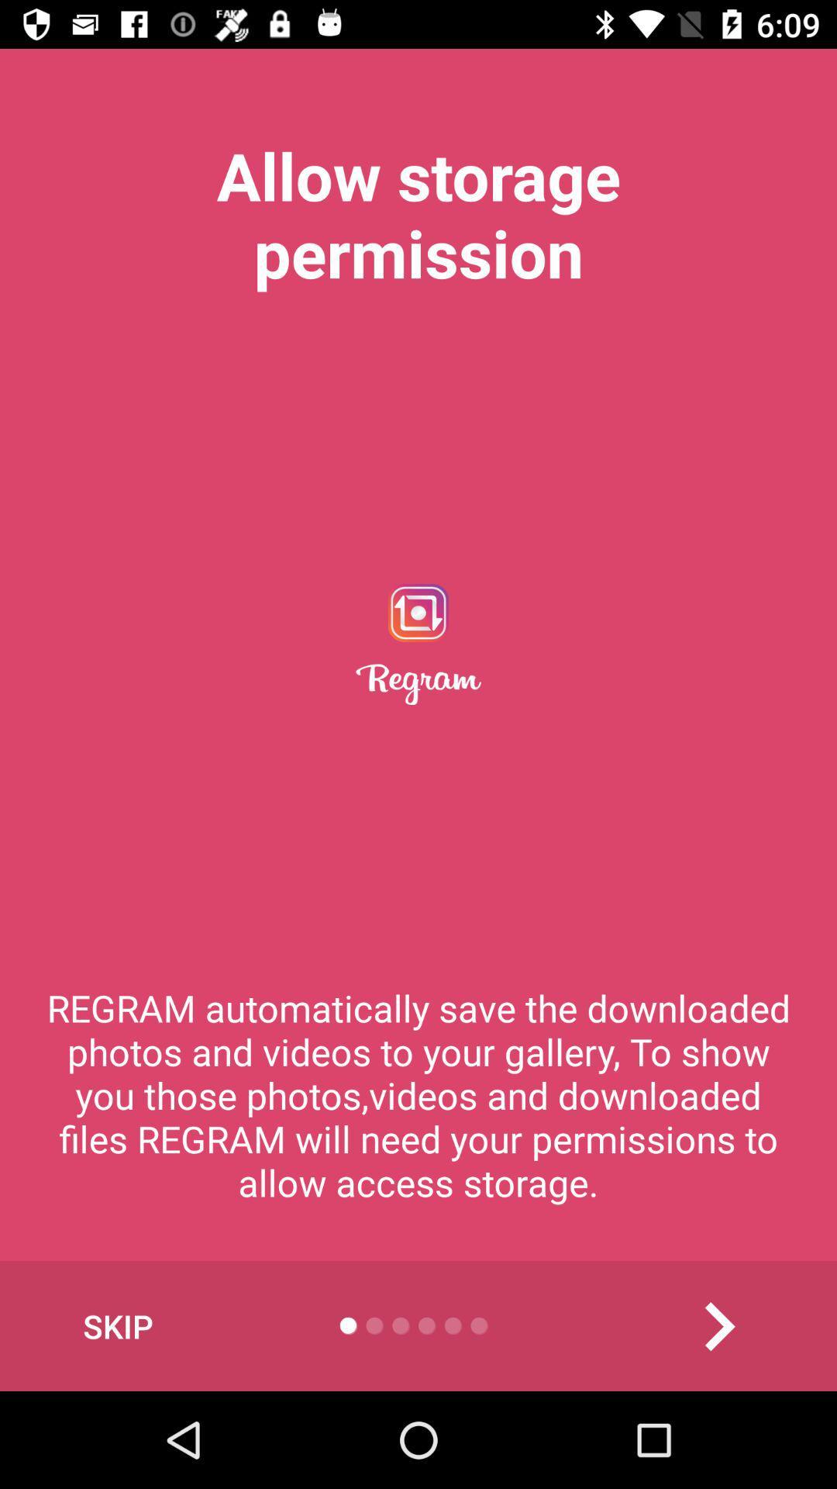 The height and width of the screenshot is (1489, 837). What do you see at coordinates (718, 1325) in the screenshot?
I see `the item at the bottom right corner` at bounding box center [718, 1325].